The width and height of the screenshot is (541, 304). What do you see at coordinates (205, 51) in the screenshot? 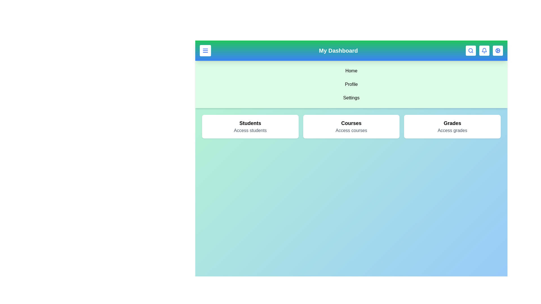
I see `the menu button to toggle the sidebar menu` at bounding box center [205, 51].